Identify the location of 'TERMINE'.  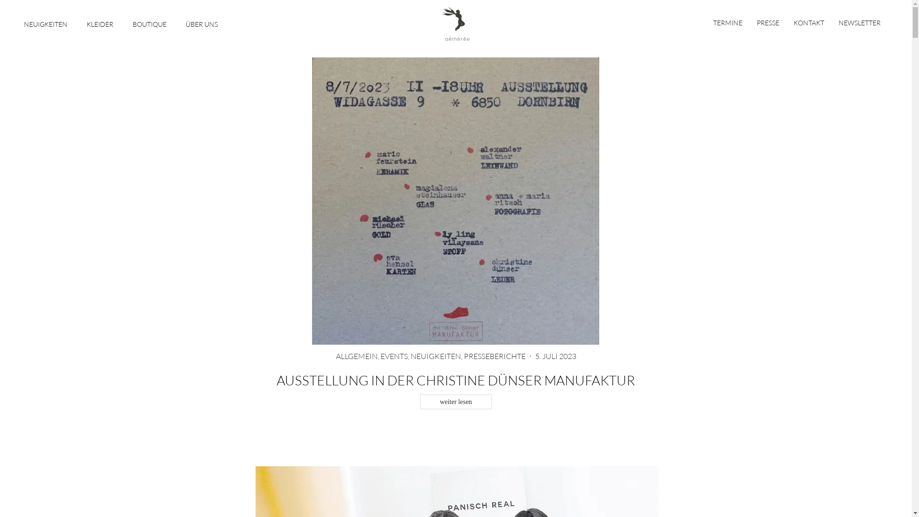
(730, 22).